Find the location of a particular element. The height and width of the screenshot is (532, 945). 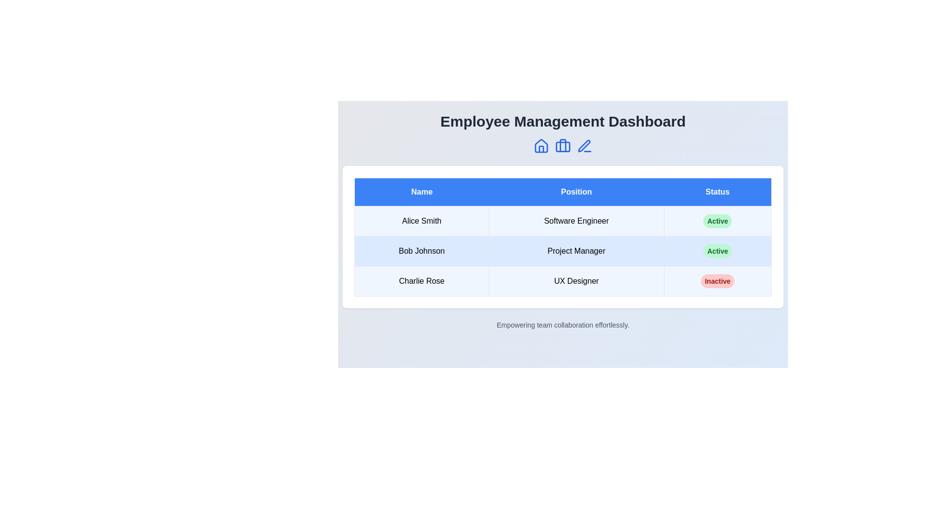

the second row of the employee table in the 'Employee Management Dashboard' is located at coordinates (563, 250).